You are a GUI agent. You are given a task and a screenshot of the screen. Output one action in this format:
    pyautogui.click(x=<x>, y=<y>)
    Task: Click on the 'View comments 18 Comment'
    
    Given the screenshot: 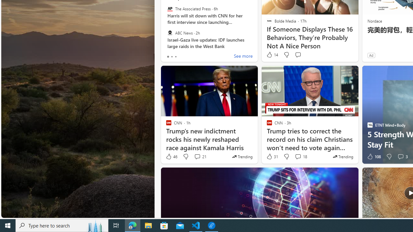 What is the action you would take?
    pyautogui.click(x=300, y=157)
    